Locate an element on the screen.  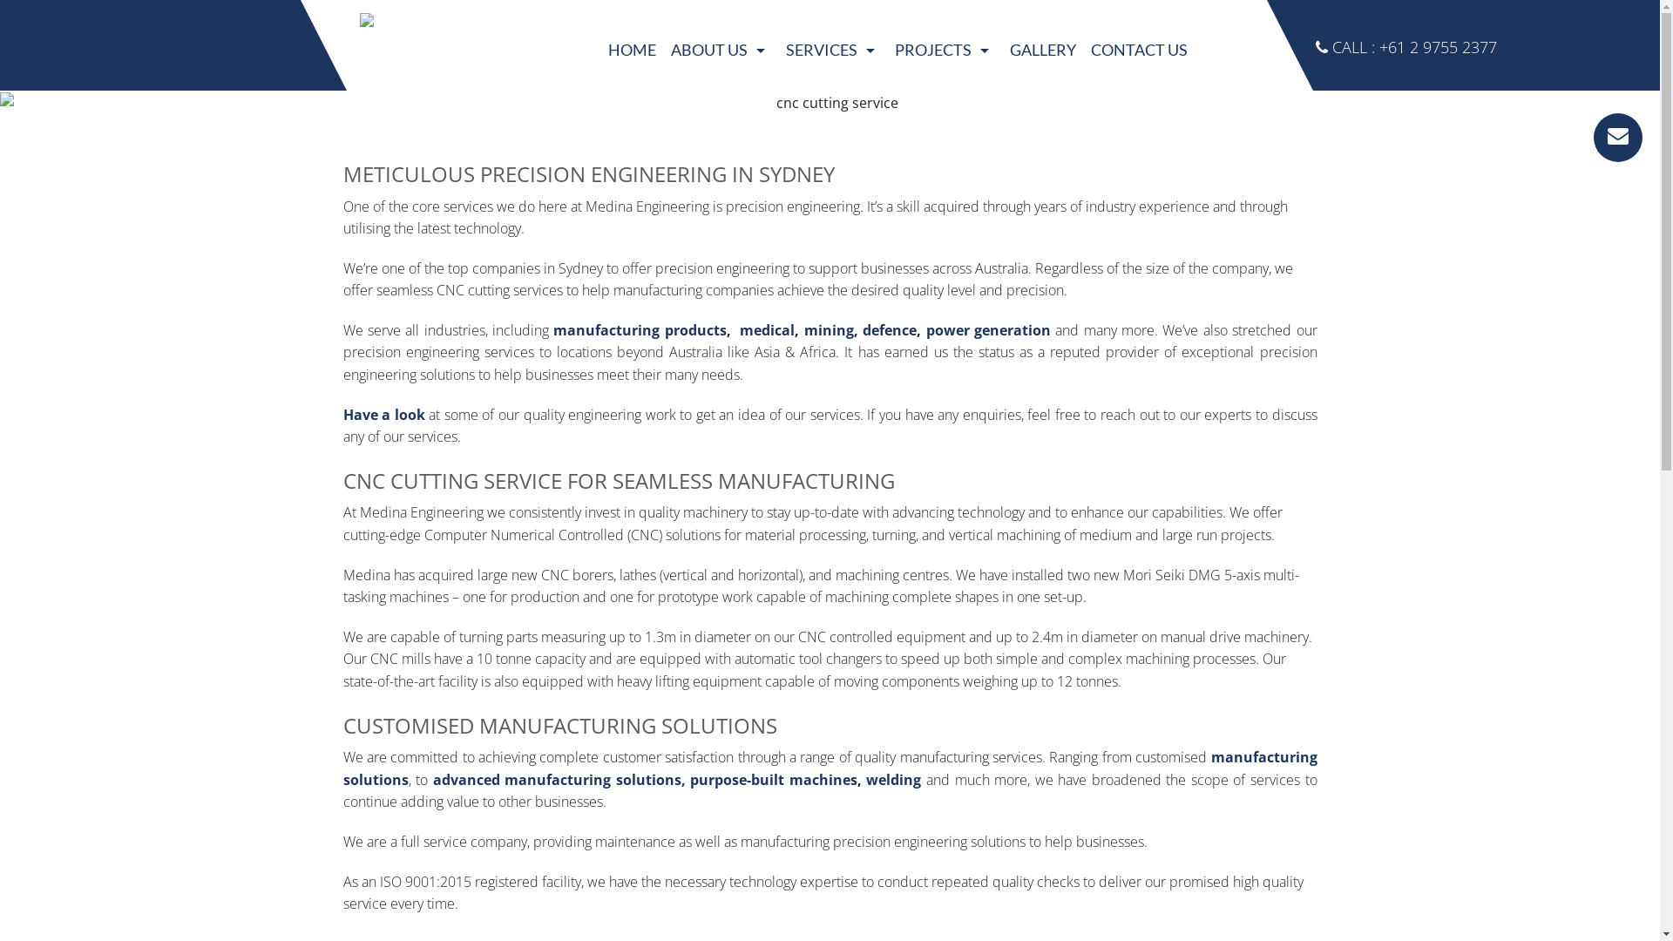
'advanced manufacturing solutions,' is located at coordinates (433, 778).